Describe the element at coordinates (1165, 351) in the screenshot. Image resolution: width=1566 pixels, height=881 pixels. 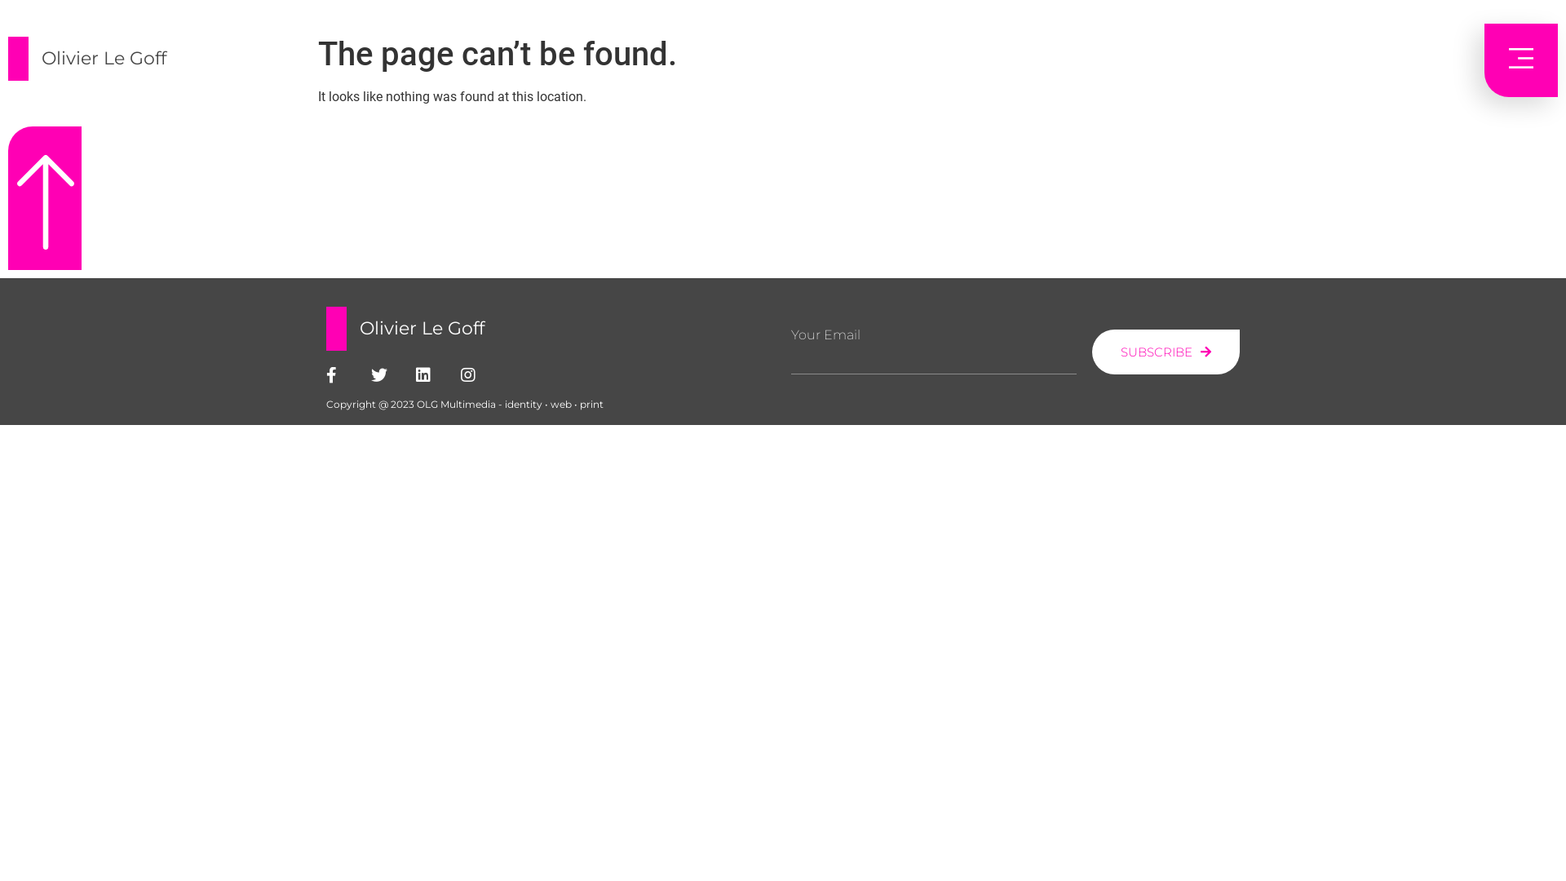
I see `'SUBSCRIBE'` at that location.